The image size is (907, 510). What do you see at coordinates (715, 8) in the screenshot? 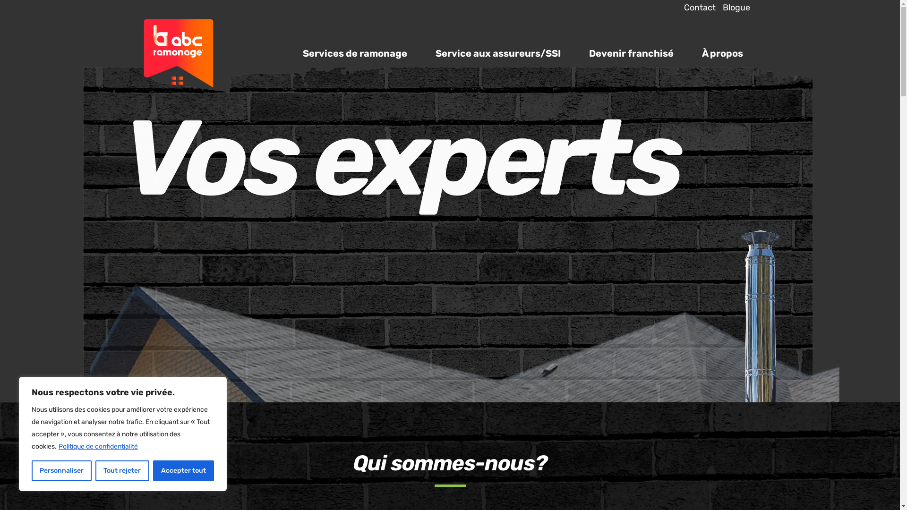
I see `'Blogue'` at bounding box center [715, 8].